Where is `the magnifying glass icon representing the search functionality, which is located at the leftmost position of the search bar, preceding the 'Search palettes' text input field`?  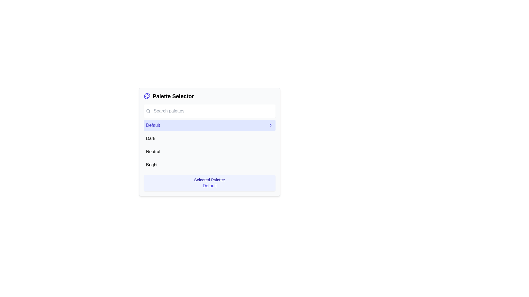 the magnifying glass icon representing the search functionality, which is located at the leftmost position of the search bar, preceding the 'Search palettes' text input field is located at coordinates (148, 111).